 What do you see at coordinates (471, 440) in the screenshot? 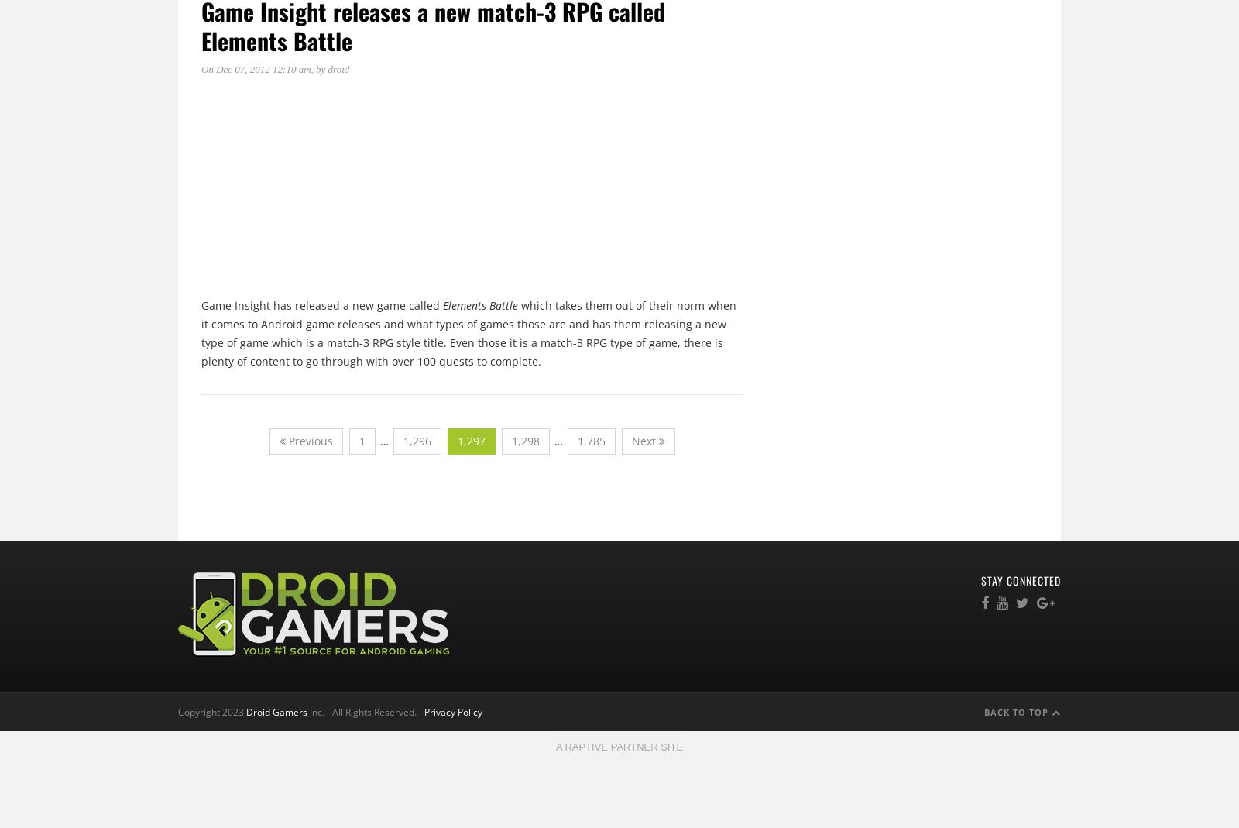
I see `'1,297'` at bounding box center [471, 440].